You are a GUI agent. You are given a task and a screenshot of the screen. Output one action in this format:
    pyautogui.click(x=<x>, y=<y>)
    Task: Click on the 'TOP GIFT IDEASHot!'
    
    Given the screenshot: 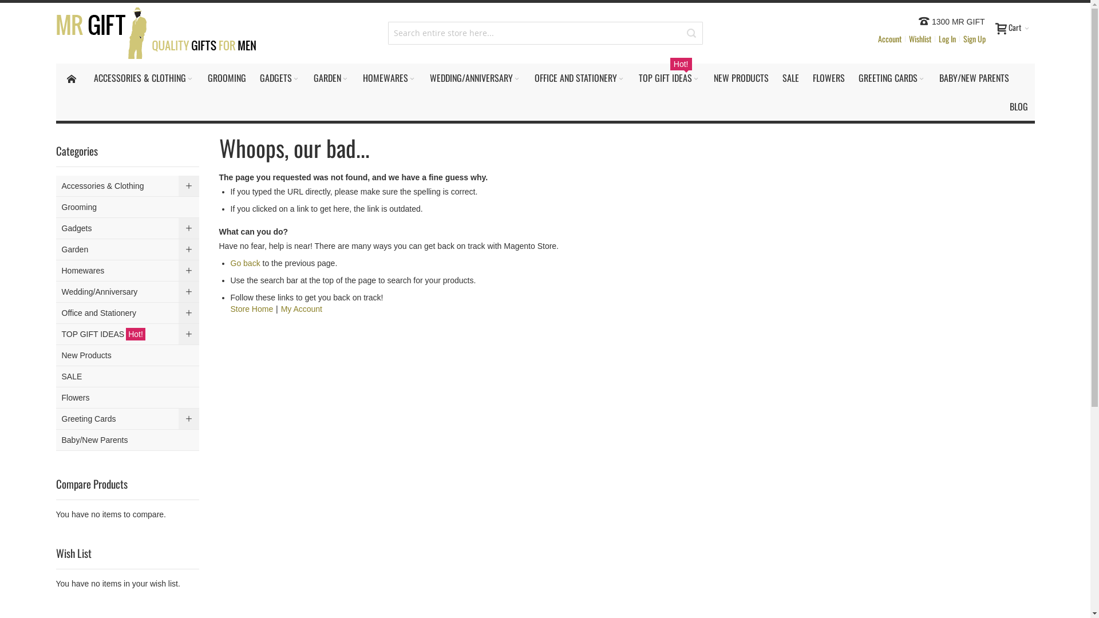 What is the action you would take?
    pyautogui.click(x=128, y=334)
    